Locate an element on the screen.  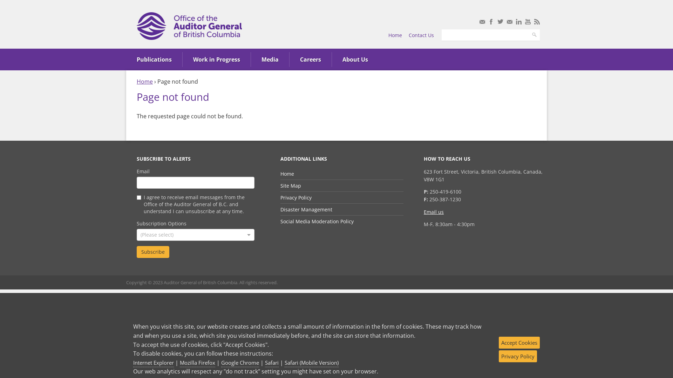
'Follow us on Twitter' is located at coordinates (500, 21).